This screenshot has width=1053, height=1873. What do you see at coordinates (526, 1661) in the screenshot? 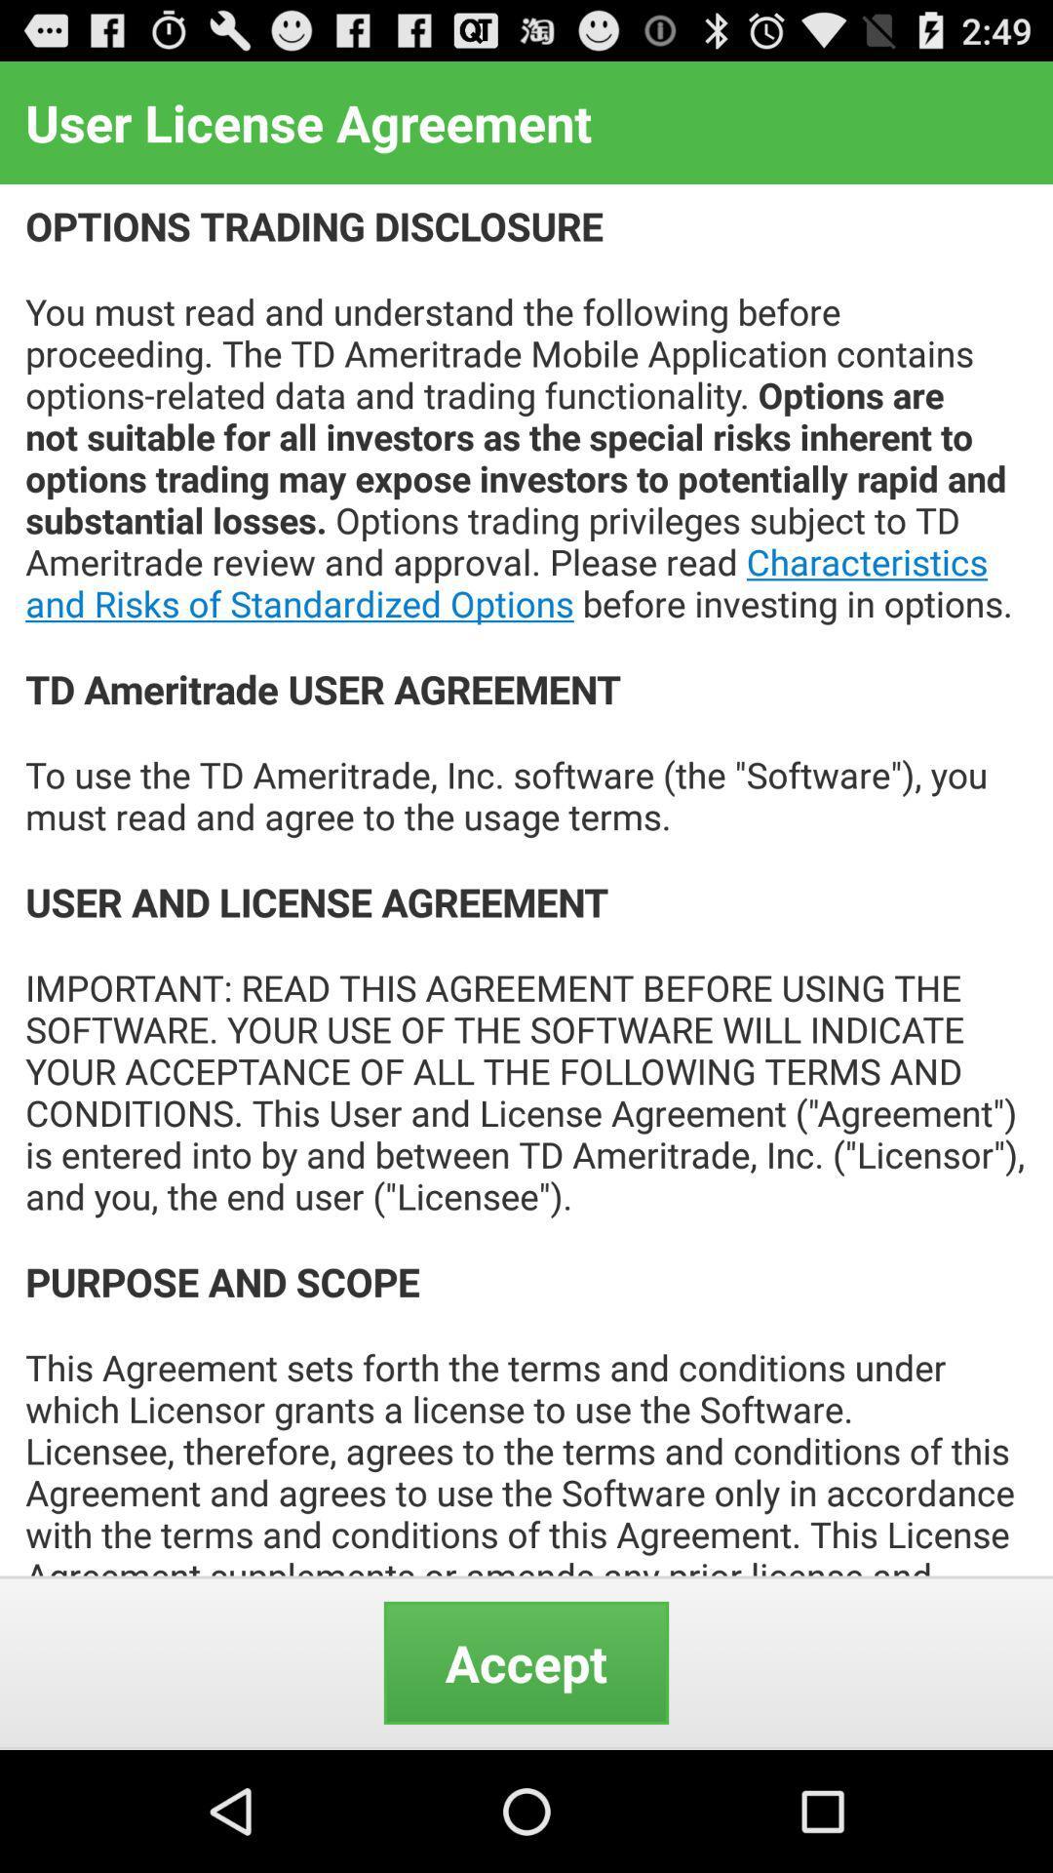
I see `accept item` at bounding box center [526, 1661].